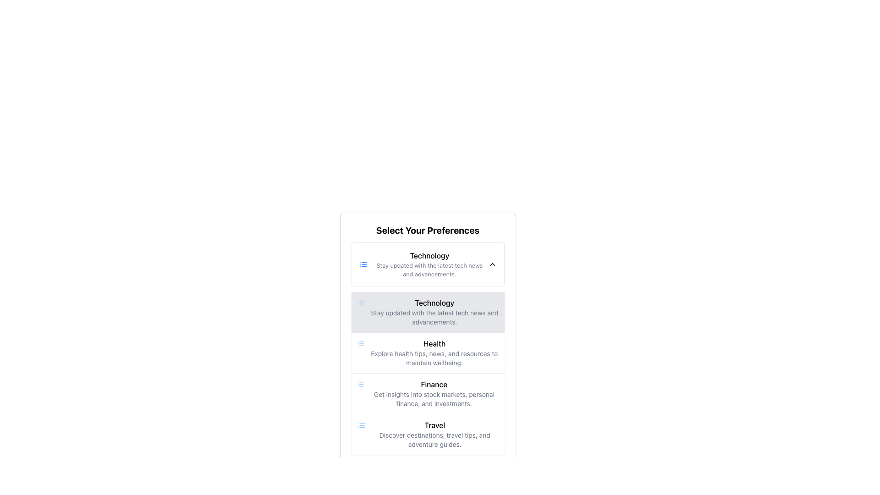 The height and width of the screenshot is (495, 880). I want to click on the text label reading 'Finance', so click(434, 385).